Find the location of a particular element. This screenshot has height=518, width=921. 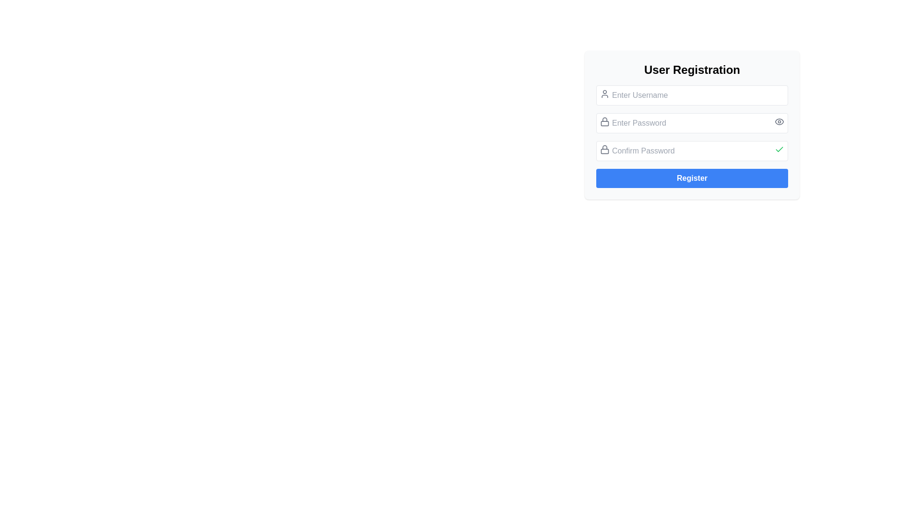

the Eye Icon located at the top-right corner of the password input field is located at coordinates (779, 121).